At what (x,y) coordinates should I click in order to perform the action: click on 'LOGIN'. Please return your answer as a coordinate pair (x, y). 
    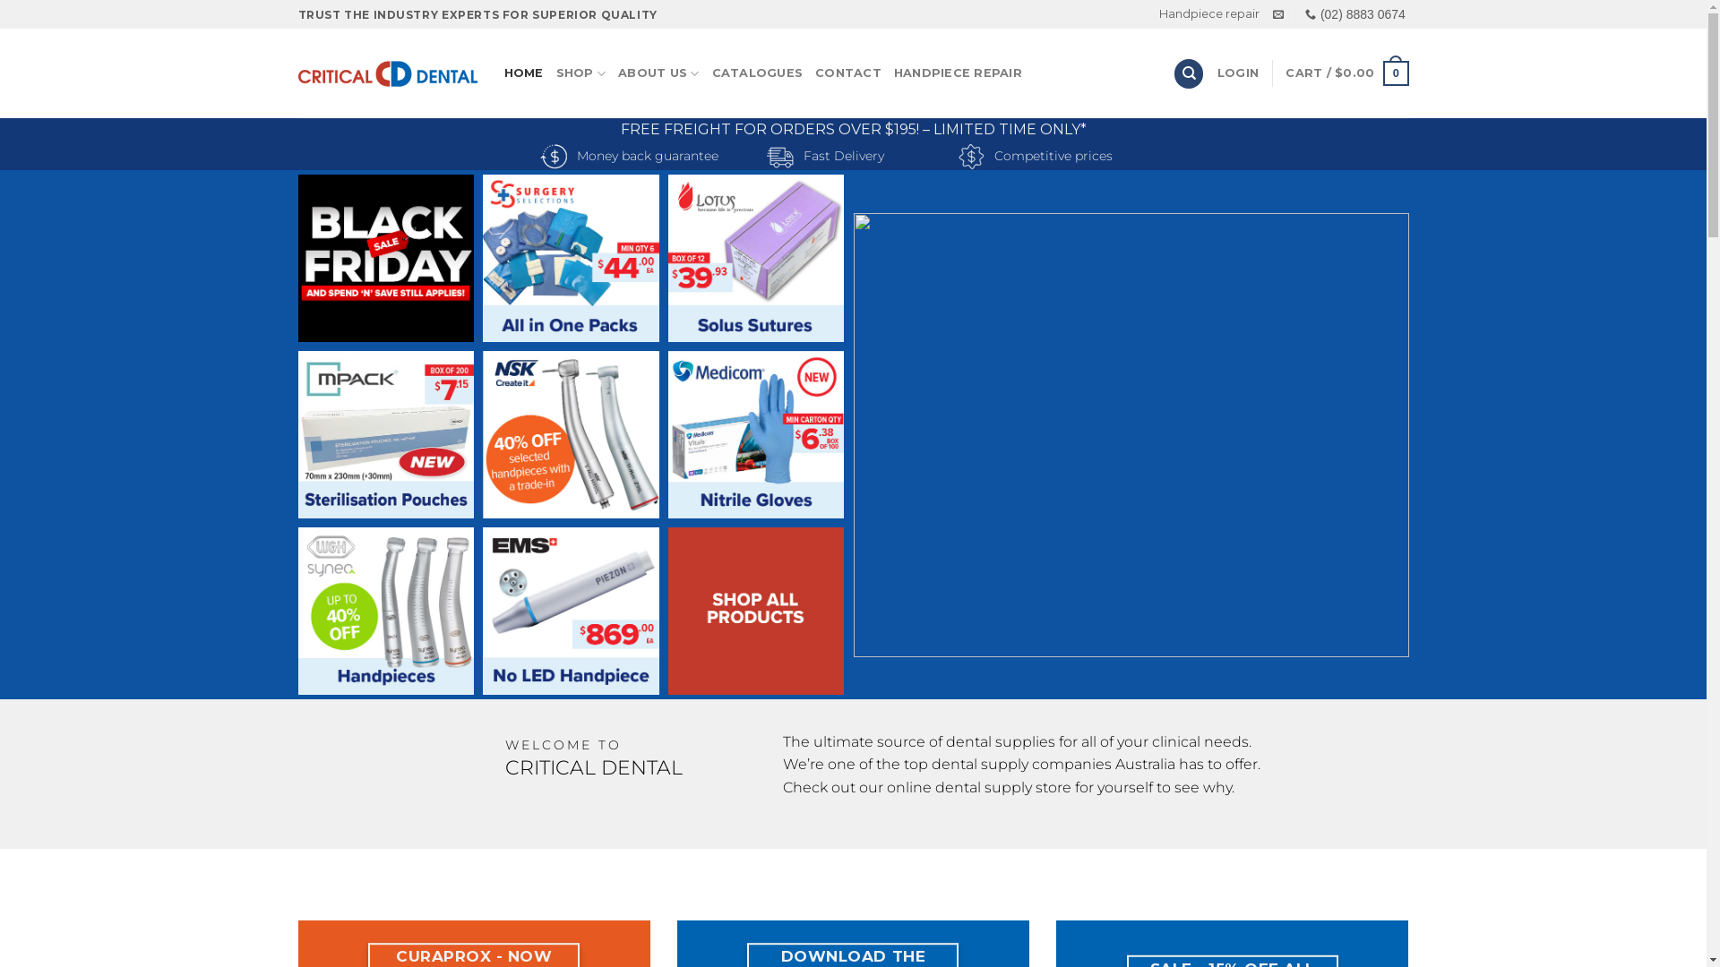
    Looking at the image, I should click on (1237, 72).